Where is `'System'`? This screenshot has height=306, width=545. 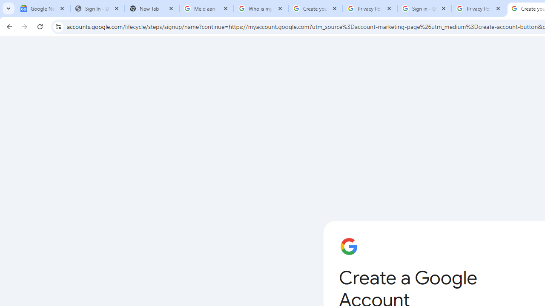
'System' is located at coordinates (4, 5).